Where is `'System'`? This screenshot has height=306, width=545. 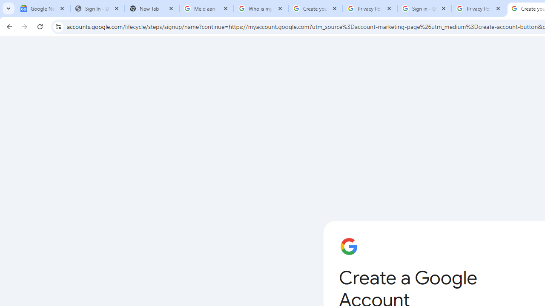
'System' is located at coordinates (4, 5).